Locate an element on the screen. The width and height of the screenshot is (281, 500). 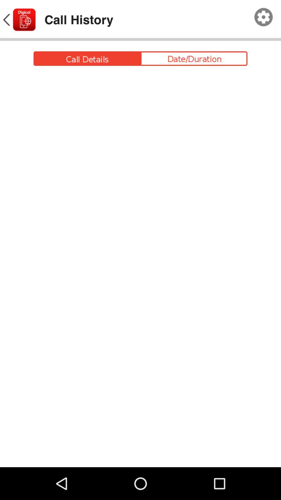
ok is located at coordinates (264, 17).